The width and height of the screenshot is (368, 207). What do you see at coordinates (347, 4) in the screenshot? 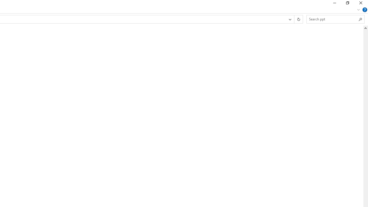
I see `'Restore'` at bounding box center [347, 4].